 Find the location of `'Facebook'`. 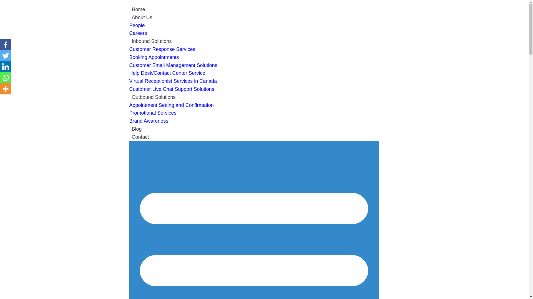

'Facebook' is located at coordinates (0, 44).